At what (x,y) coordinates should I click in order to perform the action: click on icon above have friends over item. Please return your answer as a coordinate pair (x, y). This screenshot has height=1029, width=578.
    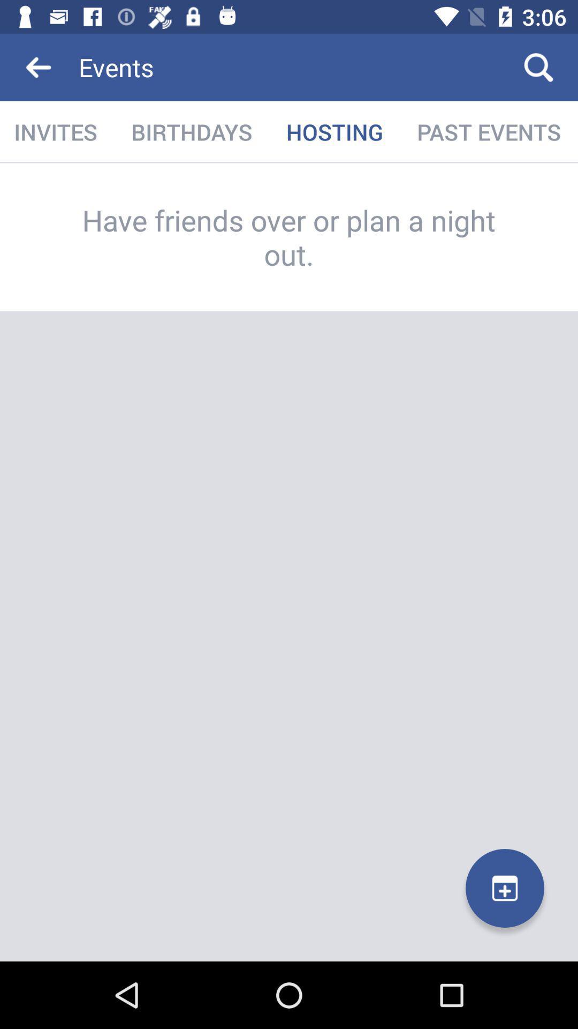
    Looking at the image, I should click on (489, 131).